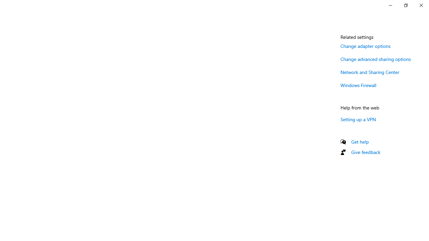 The image size is (429, 241). What do you see at coordinates (376, 59) in the screenshot?
I see `'Change advanced sharing options'` at bounding box center [376, 59].